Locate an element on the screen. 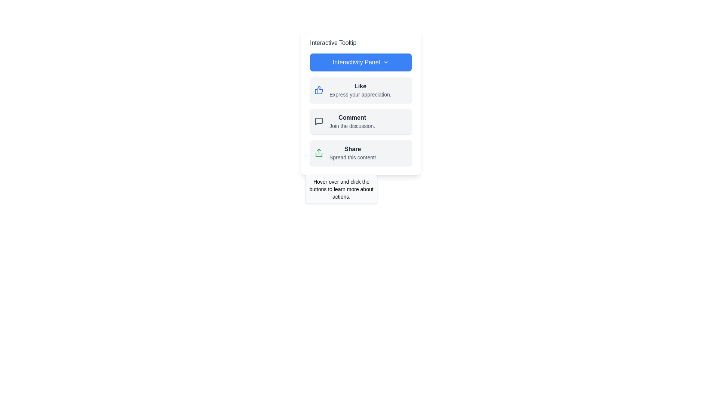  the 'Like' option in the Interactive Panel Option Group, located below the 'Interactivity Panel' button is located at coordinates (360, 121).